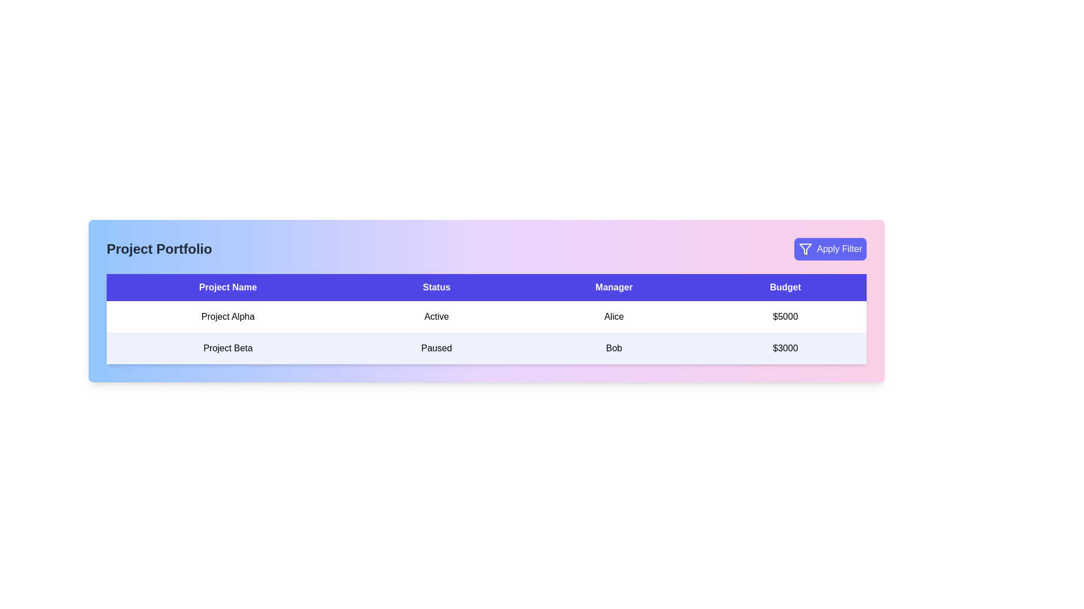 The height and width of the screenshot is (609, 1084). What do you see at coordinates (487, 317) in the screenshot?
I see `the first row of the data table which displays 'Project Alpha', 'Active', 'Alice', and '$5000'` at bounding box center [487, 317].